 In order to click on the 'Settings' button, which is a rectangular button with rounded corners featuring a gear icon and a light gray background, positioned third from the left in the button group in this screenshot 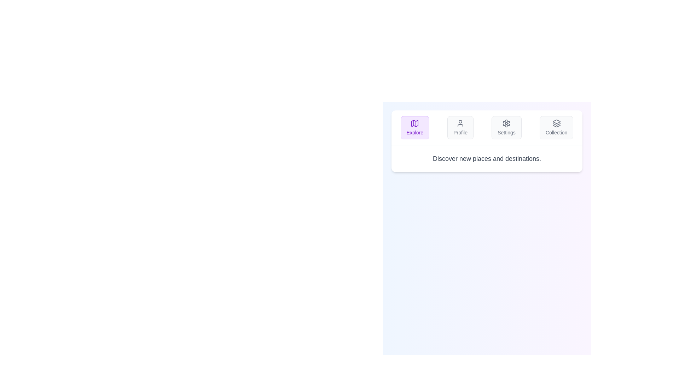, I will do `click(506, 128)`.